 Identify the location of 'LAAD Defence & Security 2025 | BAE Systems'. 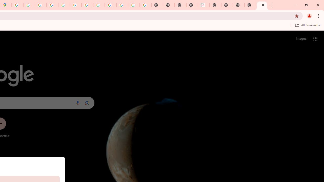
(204, 5).